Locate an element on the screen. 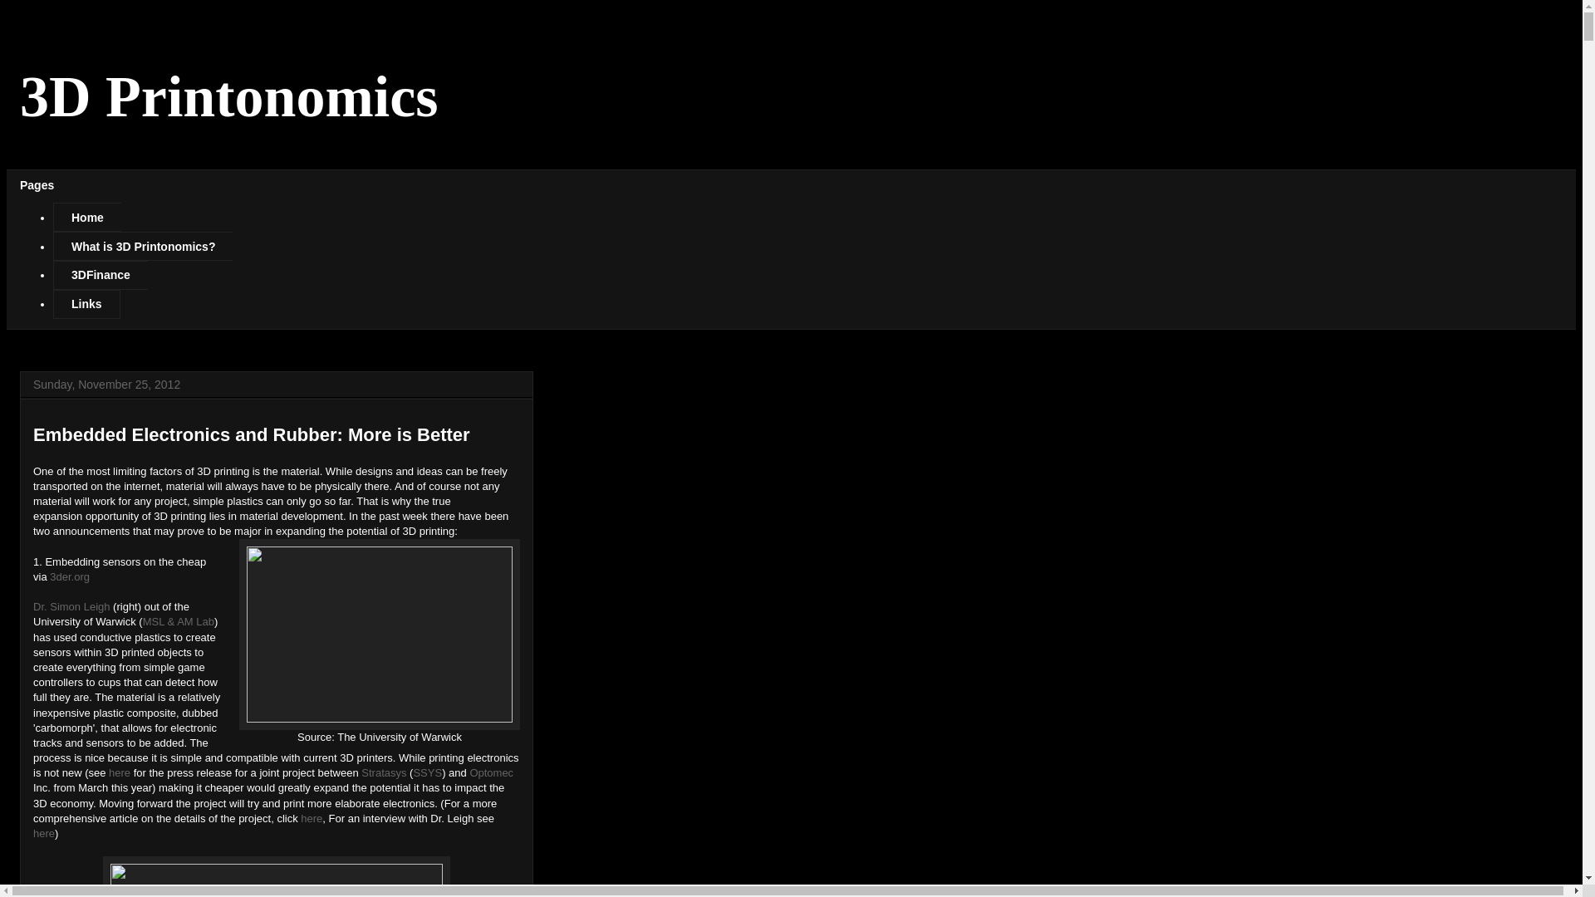 The width and height of the screenshot is (1595, 897). 'Home' is located at coordinates (86, 216).